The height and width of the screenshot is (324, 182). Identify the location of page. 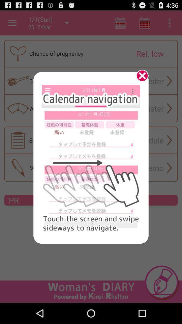
(140, 78).